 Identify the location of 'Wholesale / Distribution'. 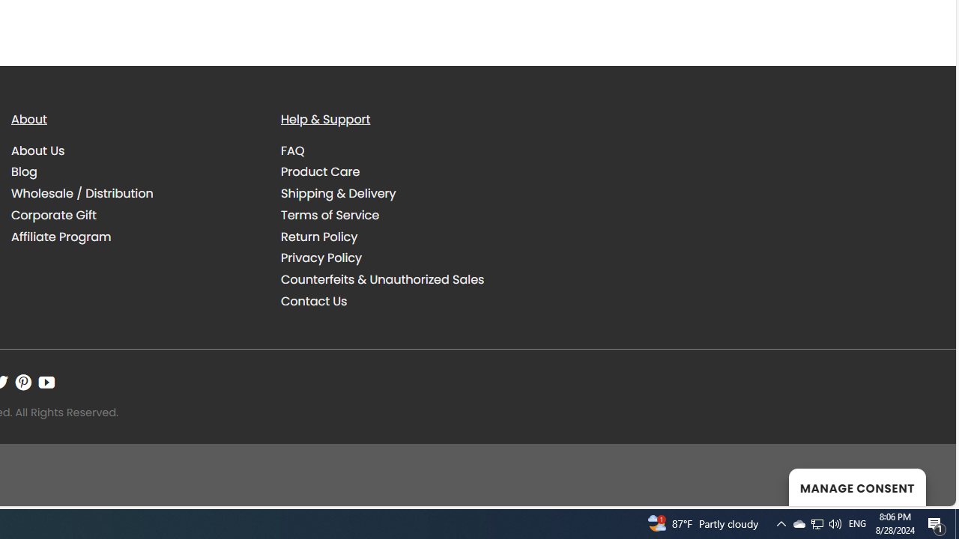
(135, 193).